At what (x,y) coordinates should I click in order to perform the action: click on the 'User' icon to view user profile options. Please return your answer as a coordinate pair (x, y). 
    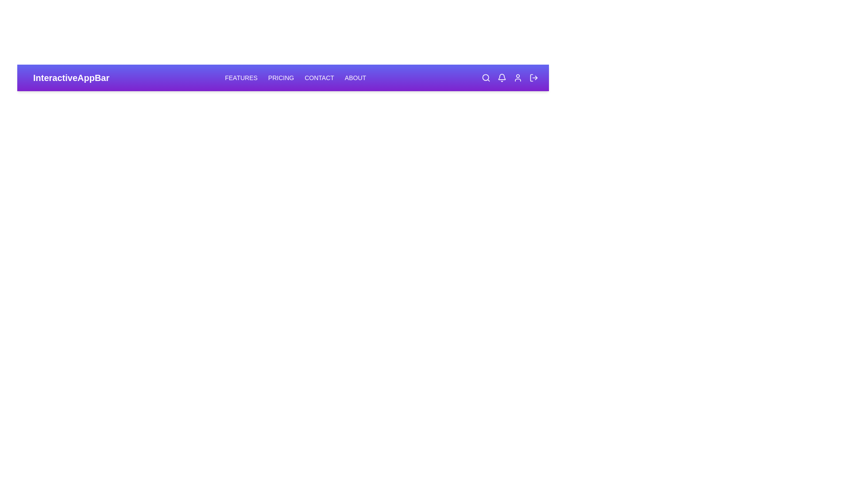
    Looking at the image, I should click on (518, 77).